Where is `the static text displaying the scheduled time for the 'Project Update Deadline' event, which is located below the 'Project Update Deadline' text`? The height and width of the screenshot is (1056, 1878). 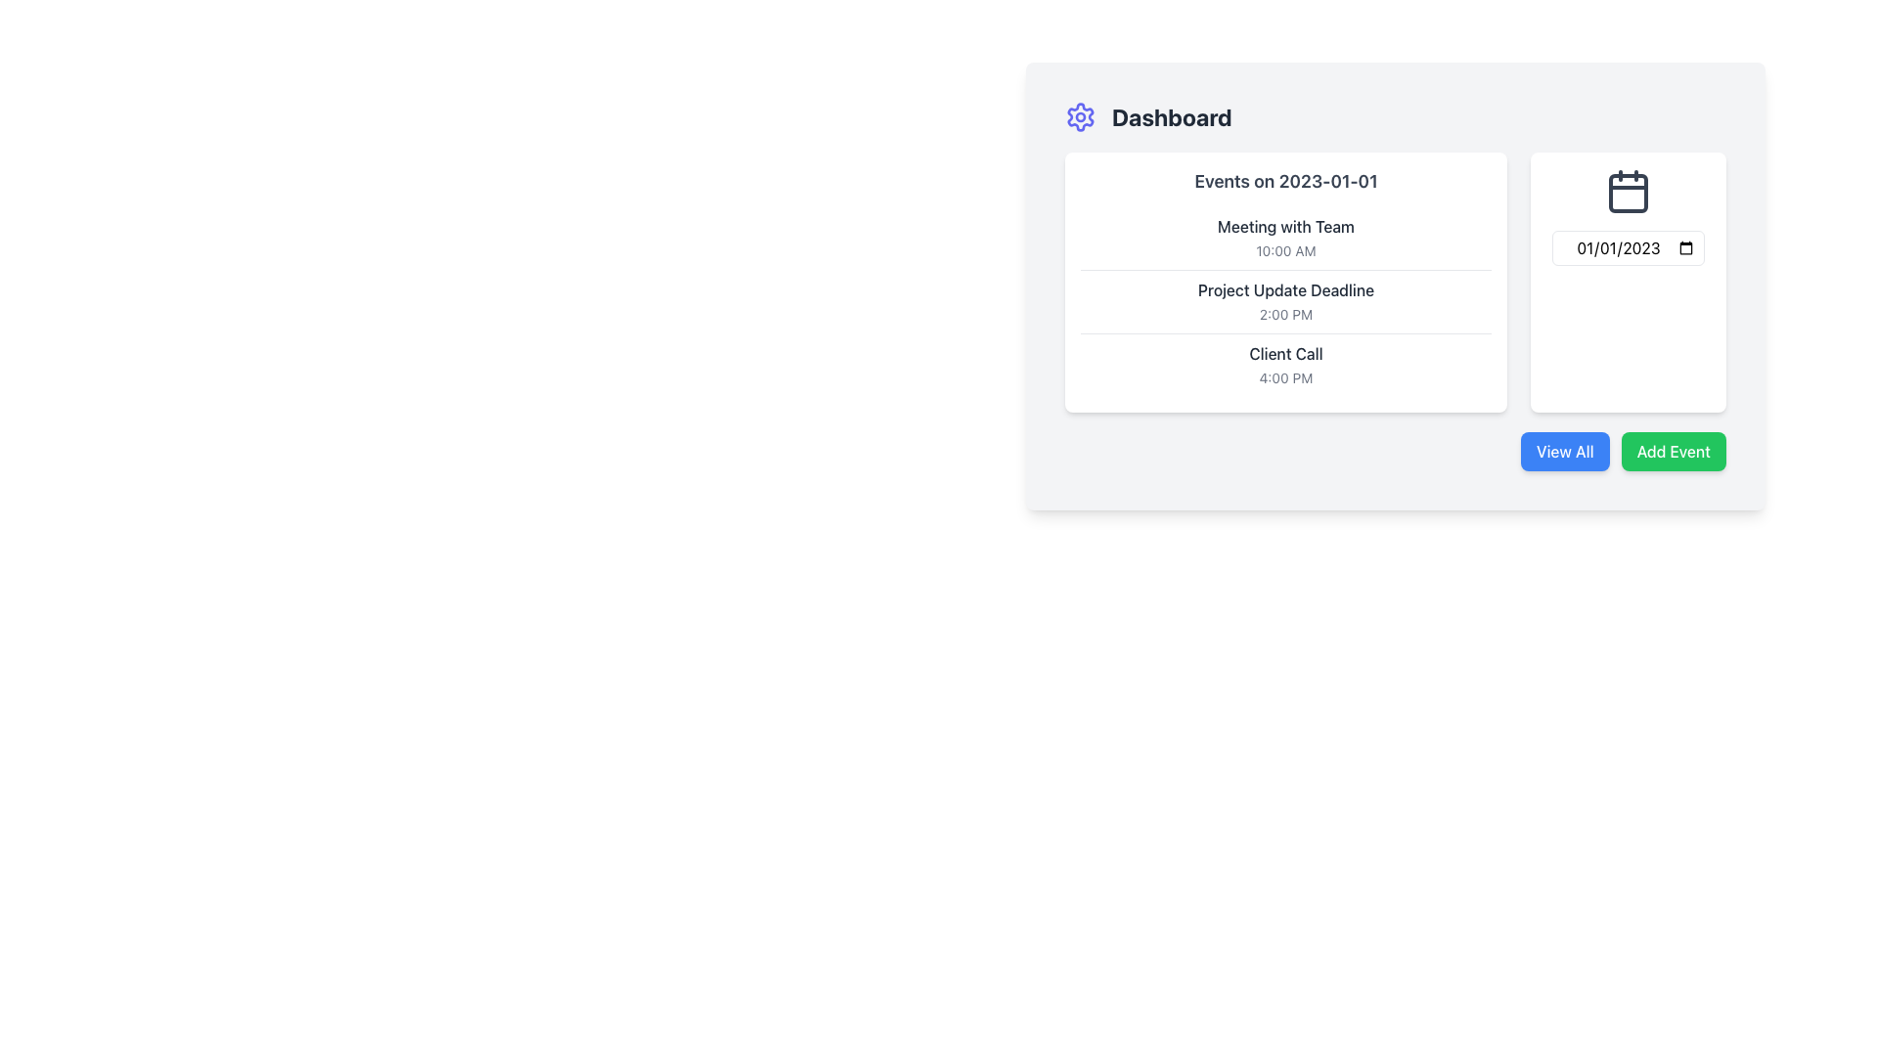 the static text displaying the scheduled time for the 'Project Update Deadline' event, which is located below the 'Project Update Deadline' text is located at coordinates (1286, 313).